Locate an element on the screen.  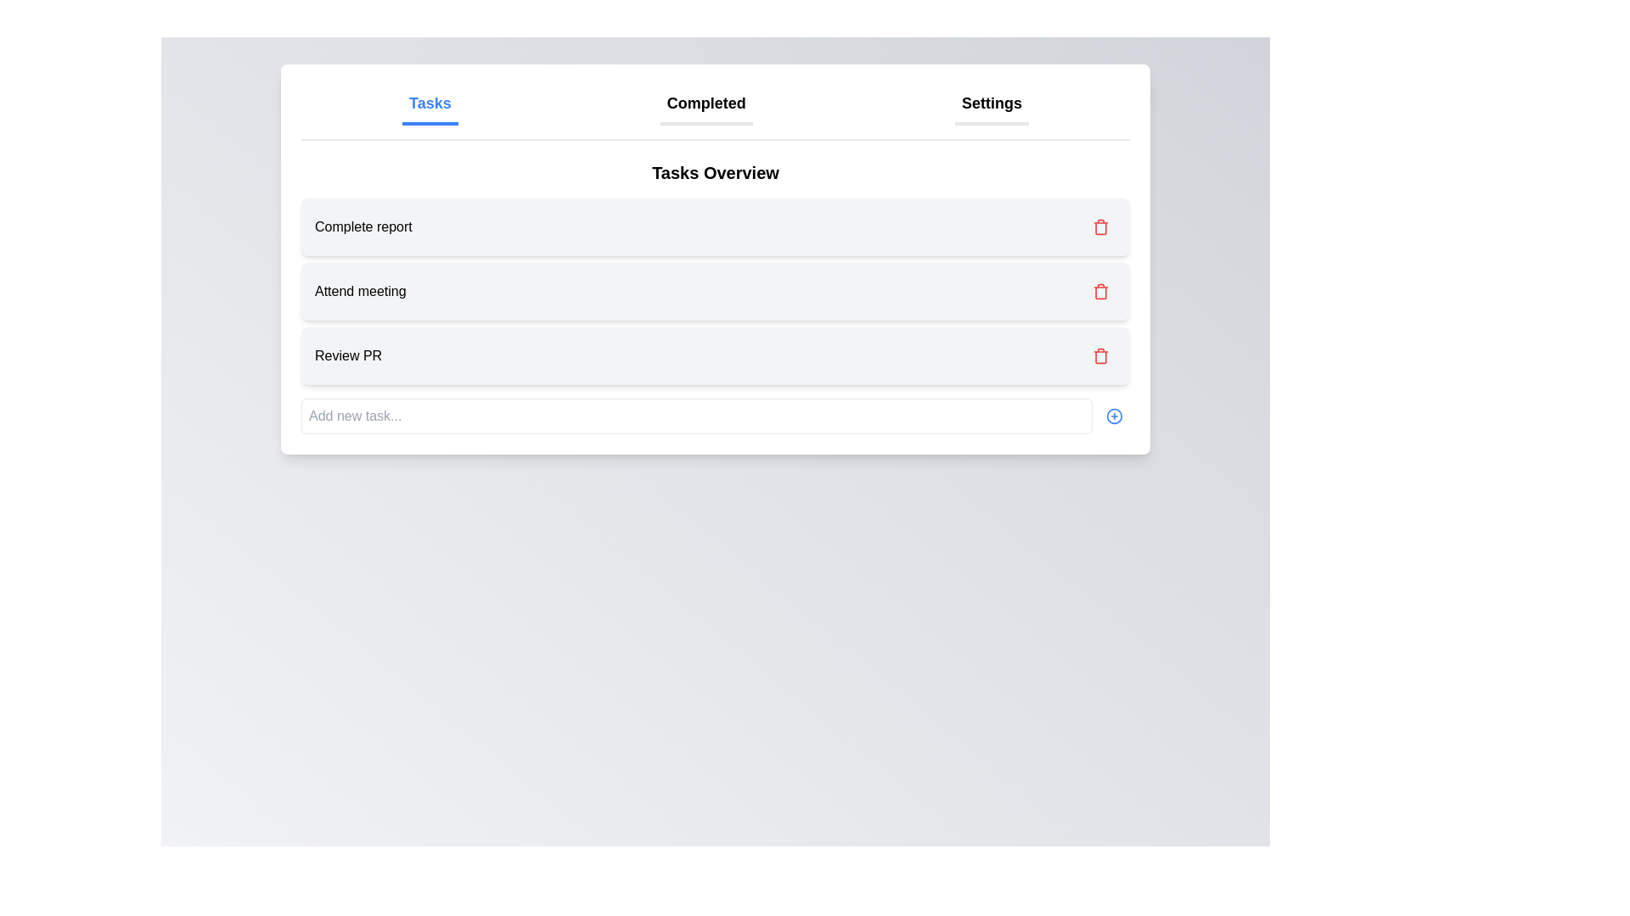
the red trash icon button with a white background, located at the far right of the 'Complete report' row in the task list, to possibly see a tooltip is located at coordinates (1100, 226).